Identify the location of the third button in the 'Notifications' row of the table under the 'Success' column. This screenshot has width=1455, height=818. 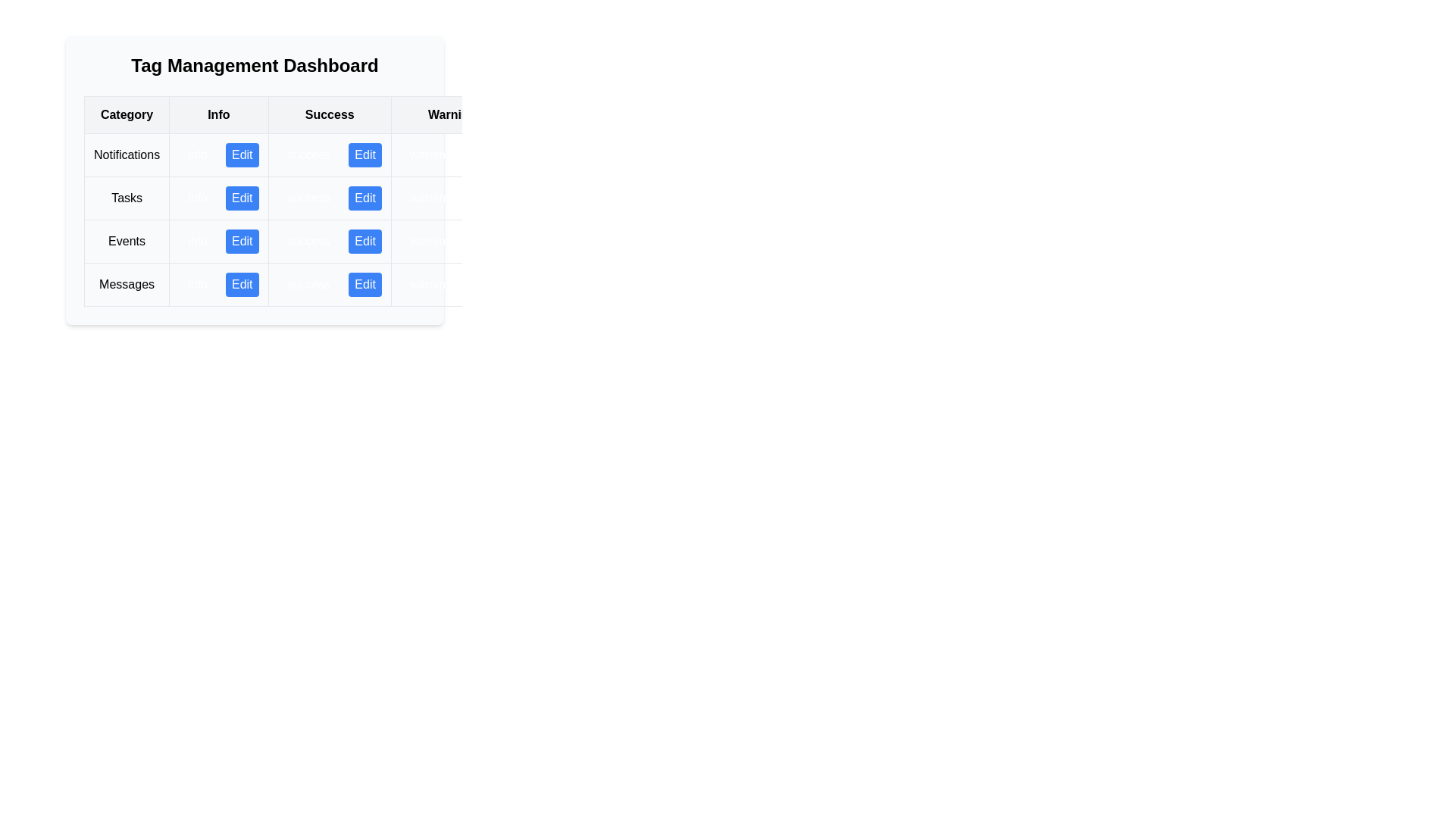
(350, 155).